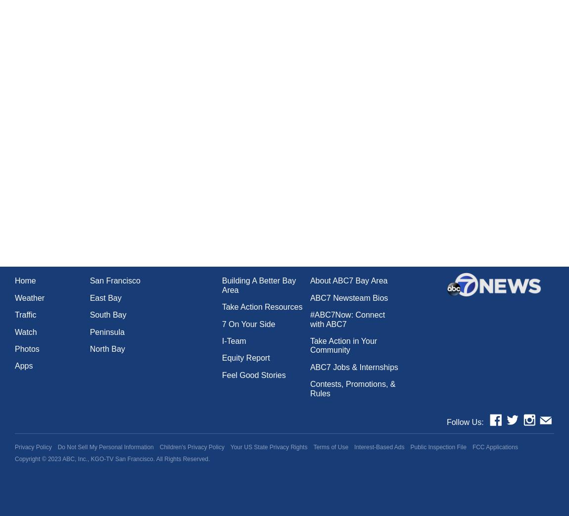 The height and width of the screenshot is (516, 569). Describe the element at coordinates (53, 458) in the screenshot. I see `'2023'` at that location.